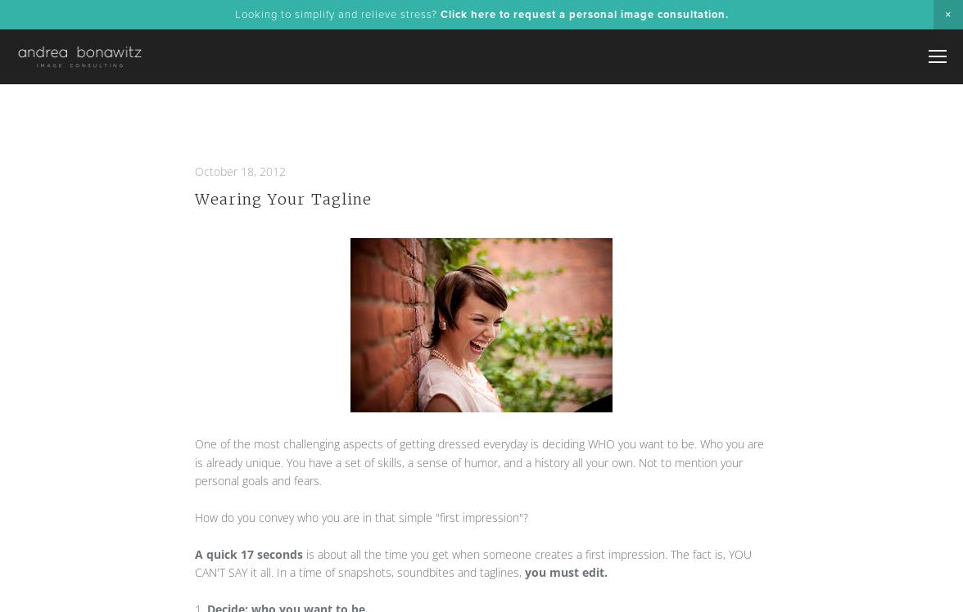 The height and width of the screenshot is (612, 963). What do you see at coordinates (839, 179) in the screenshot?
I see `'Free Men's Advice'` at bounding box center [839, 179].